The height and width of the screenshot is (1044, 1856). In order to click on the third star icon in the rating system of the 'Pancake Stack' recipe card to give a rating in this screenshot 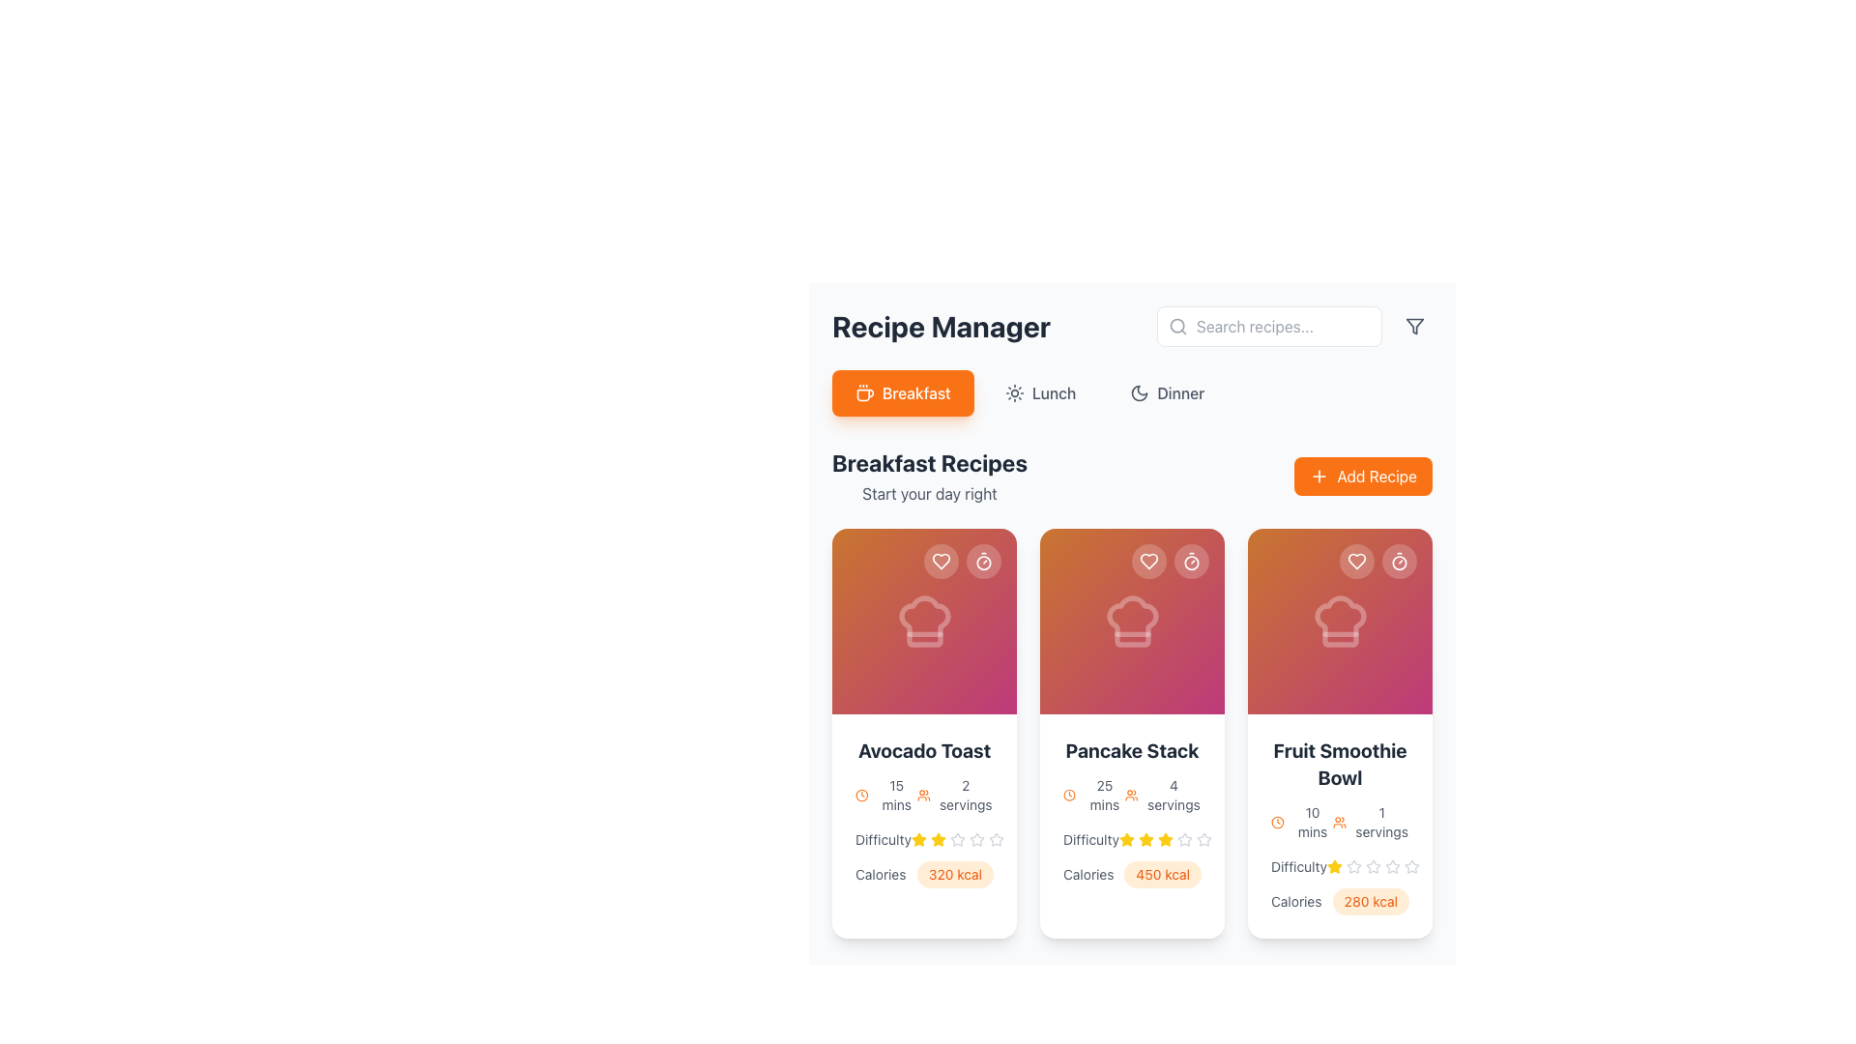, I will do `click(1183, 838)`.